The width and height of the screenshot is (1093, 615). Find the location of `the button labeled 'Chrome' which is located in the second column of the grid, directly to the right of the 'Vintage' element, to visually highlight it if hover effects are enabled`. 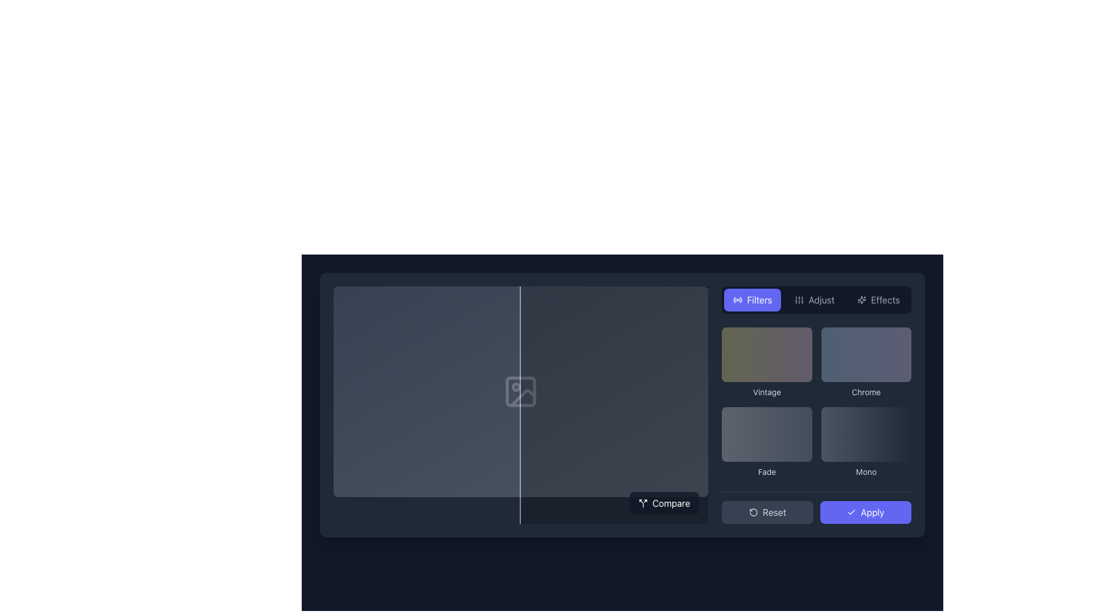

the button labeled 'Chrome' which is located in the second column of the grid, directly to the right of the 'Vintage' element, to visually highlight it if hover effects are enabled is located at coordinates (865, 362).